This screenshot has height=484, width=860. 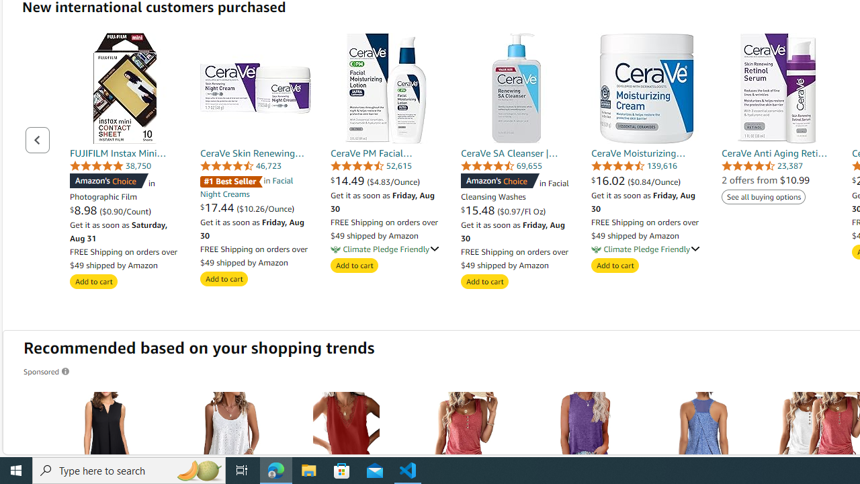 What do you see at coordinates (609, 179) in the screenshot?
I see `'$16.02 '` at bounding box center [609, 179].